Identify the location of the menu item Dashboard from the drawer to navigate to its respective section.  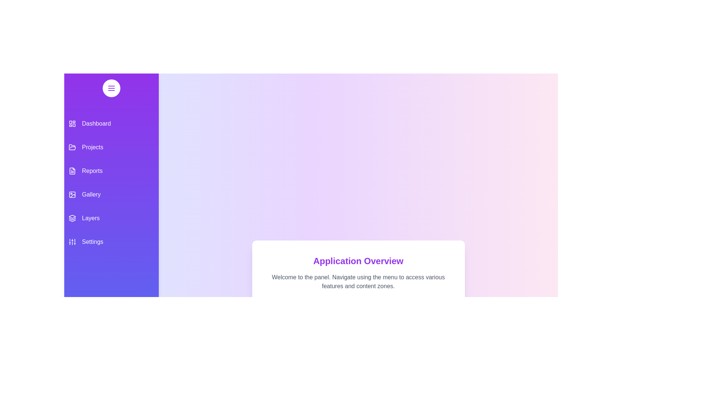
(111, 123).